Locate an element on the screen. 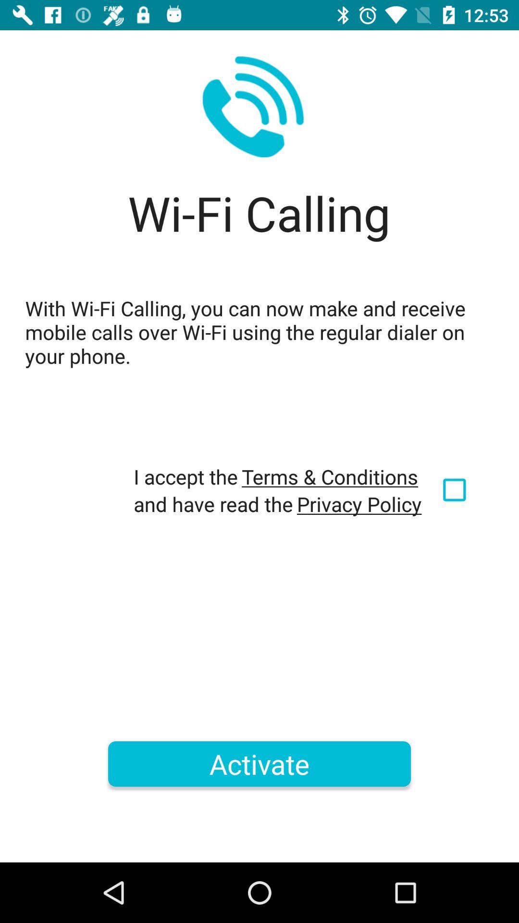 This screenshot has height=923, width=519. the item above activate button is located at coordinates (359, 503).